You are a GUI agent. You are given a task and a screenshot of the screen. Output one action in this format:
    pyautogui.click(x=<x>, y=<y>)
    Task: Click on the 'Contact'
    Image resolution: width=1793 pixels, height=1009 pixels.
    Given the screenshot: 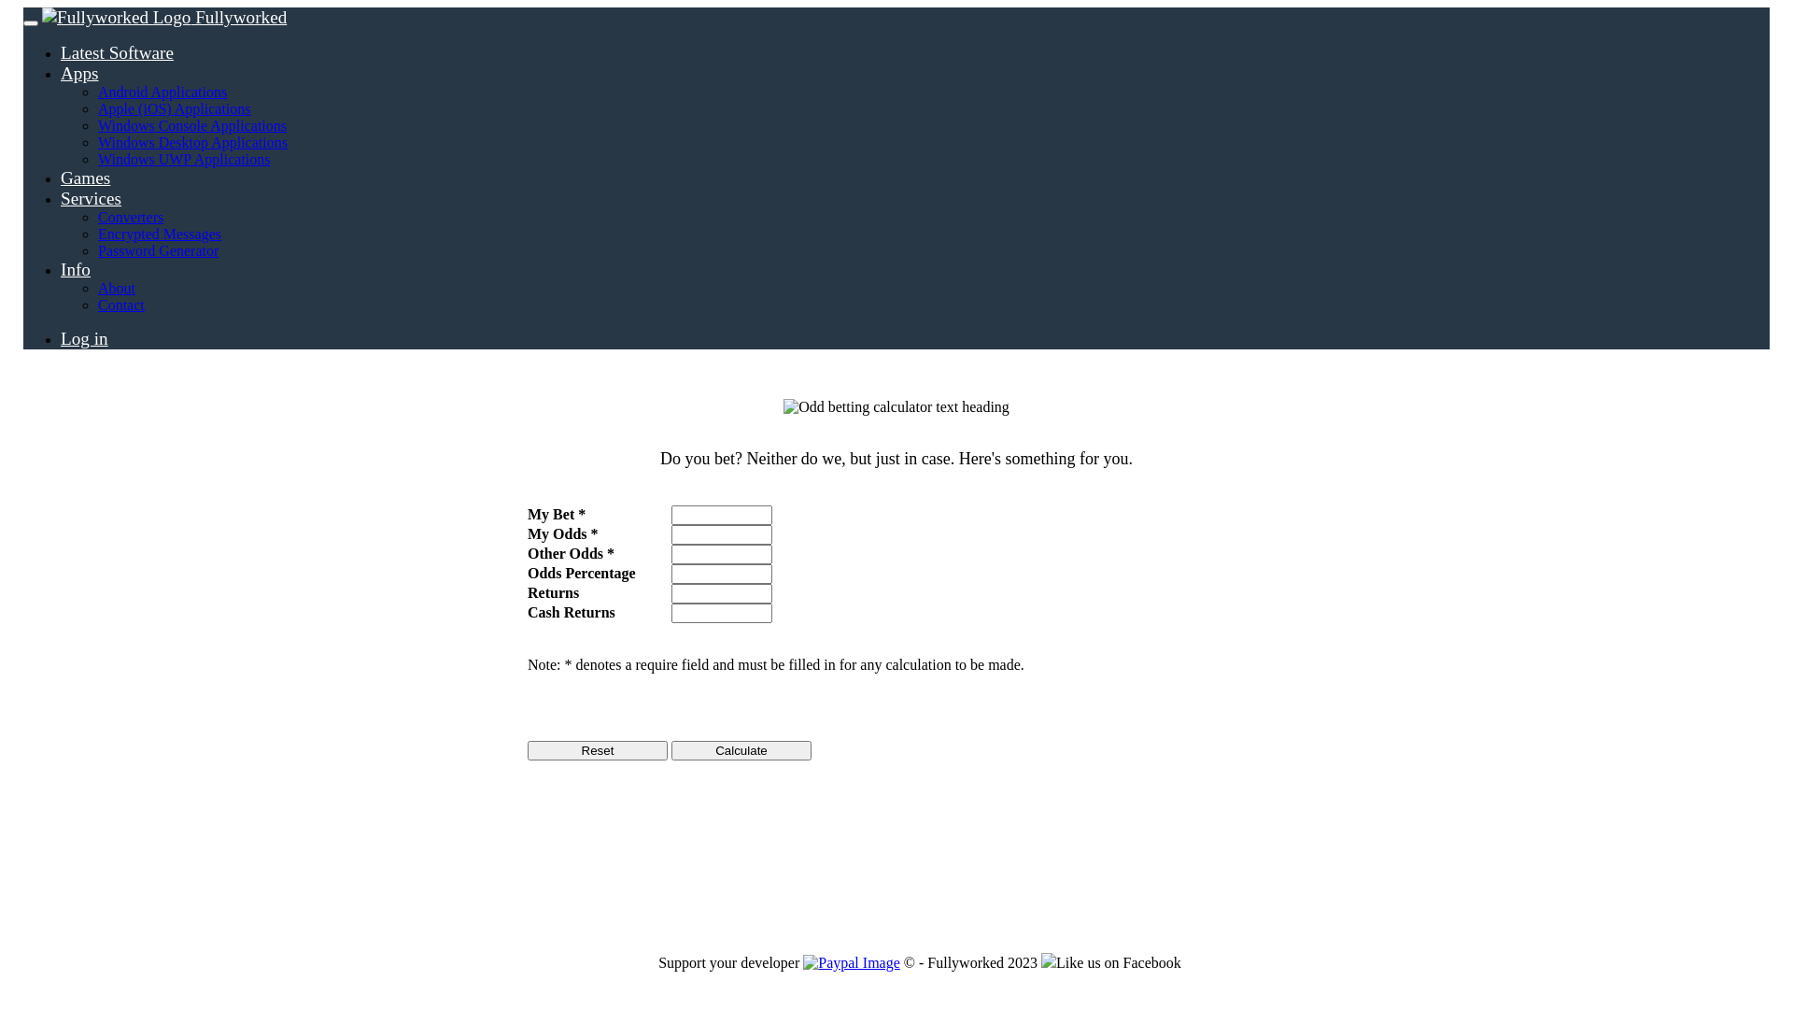 What is the action you would take?
    pyautogui.click(x=120, y=304)
    